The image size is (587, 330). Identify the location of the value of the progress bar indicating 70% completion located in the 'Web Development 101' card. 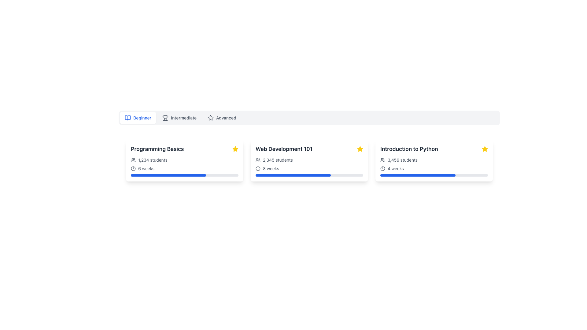
(309, 175).